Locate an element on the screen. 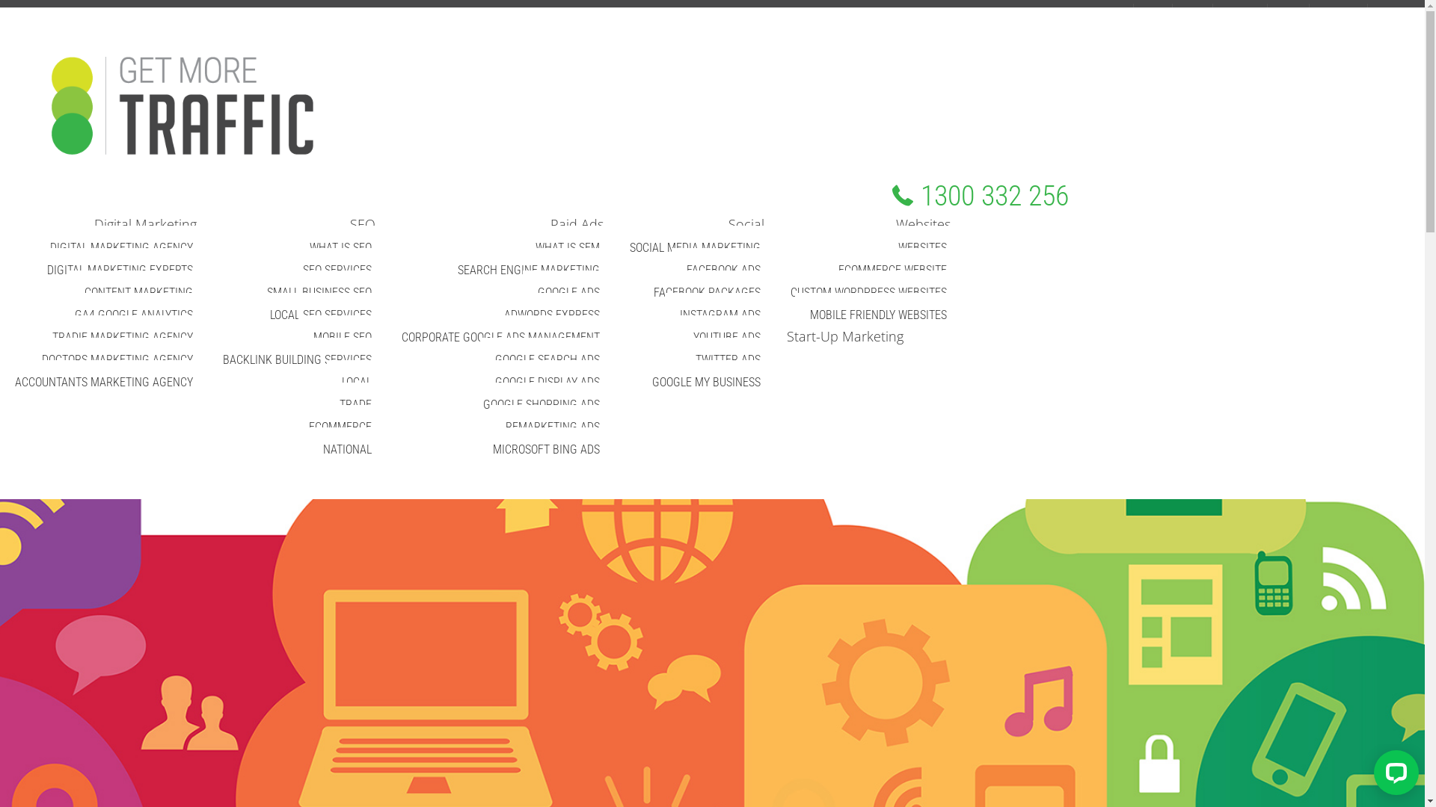 The height and width of the screenshot is (807, 1436). 'LOCAL SEO SERVICES' is located at coordinates (254, 314).